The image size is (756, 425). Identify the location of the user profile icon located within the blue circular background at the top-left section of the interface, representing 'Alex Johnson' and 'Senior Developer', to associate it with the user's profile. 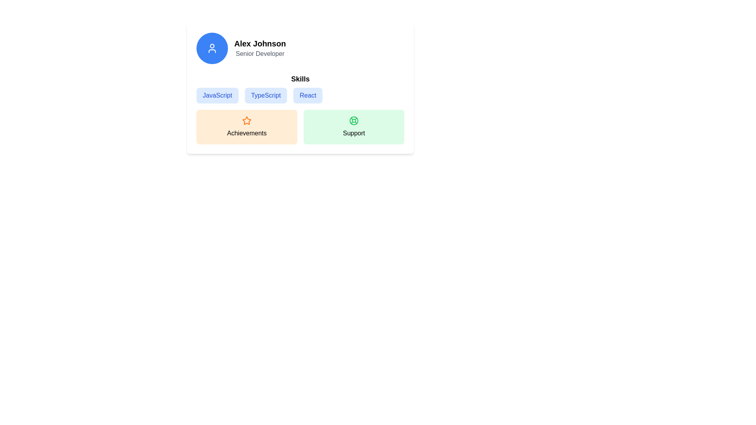
(212, 48).